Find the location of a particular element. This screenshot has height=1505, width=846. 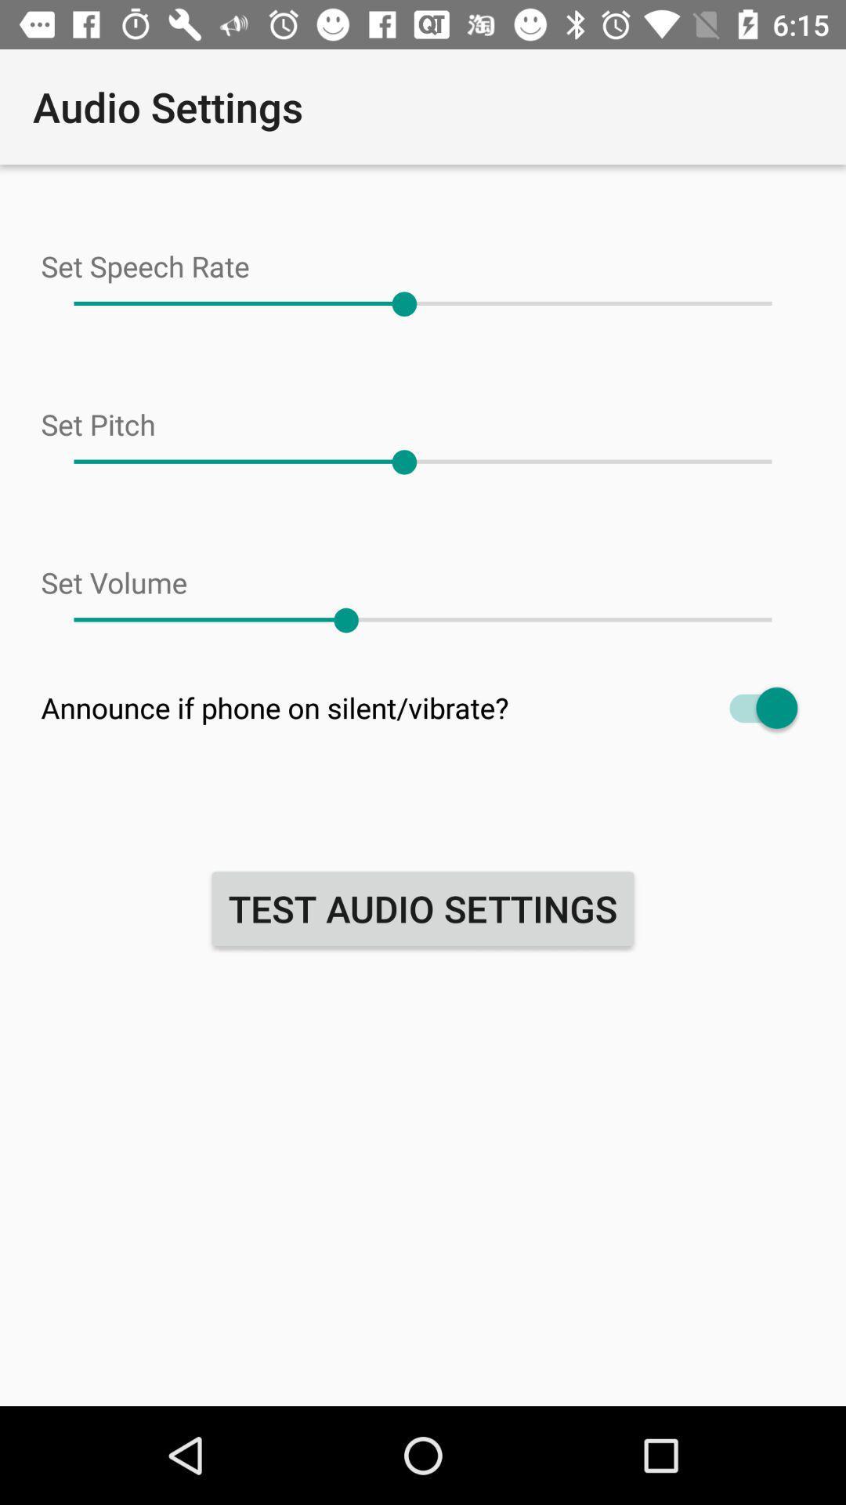

the announce if phone icon is located at coordinates (423, 707).